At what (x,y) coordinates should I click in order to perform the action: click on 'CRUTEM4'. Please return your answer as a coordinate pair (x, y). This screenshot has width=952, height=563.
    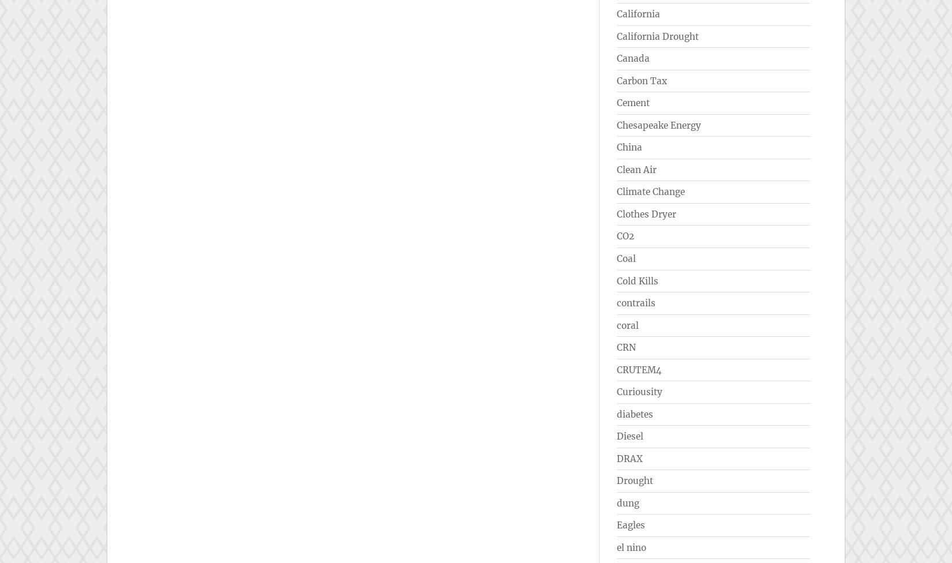
    Looking at the image, I should click on (639, 369).